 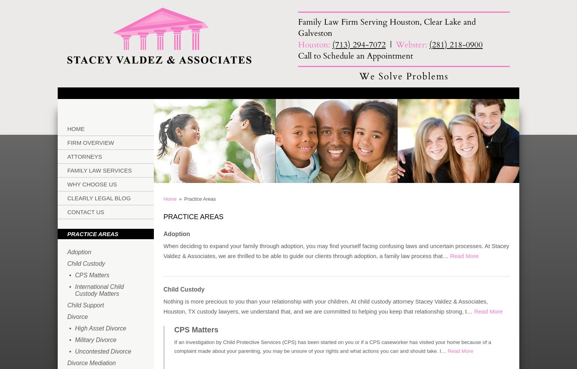 I want to click on 'Why Choose Us', so click(x=91, y=184).